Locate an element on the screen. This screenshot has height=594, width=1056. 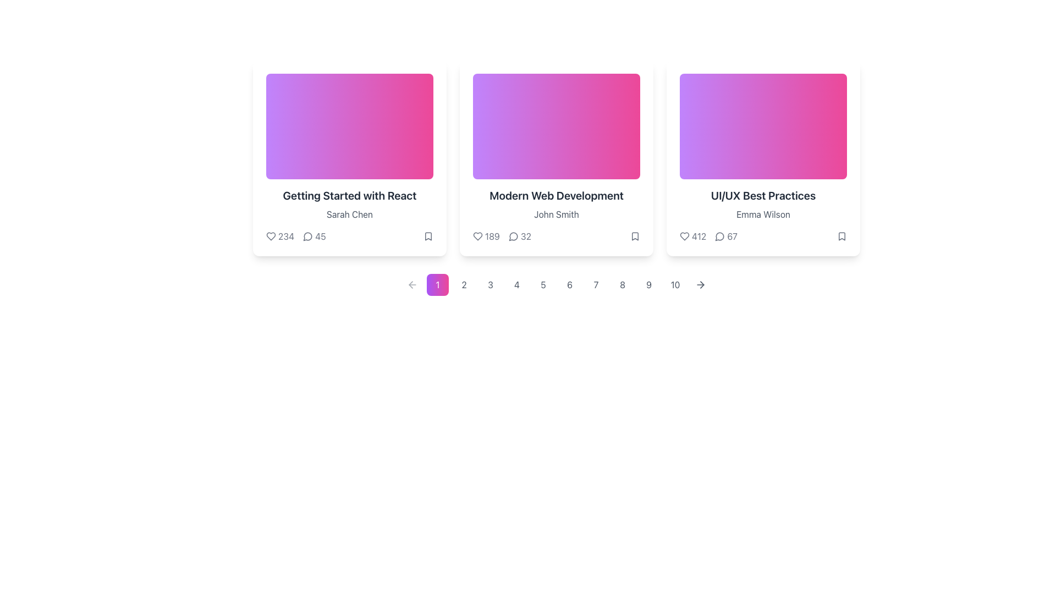
the third interactive numeric indicator with an icon located to the right of the '189' heart icon in the 'Modern Web Development' card for accessibility navigation is located at coordinates (519, 235).